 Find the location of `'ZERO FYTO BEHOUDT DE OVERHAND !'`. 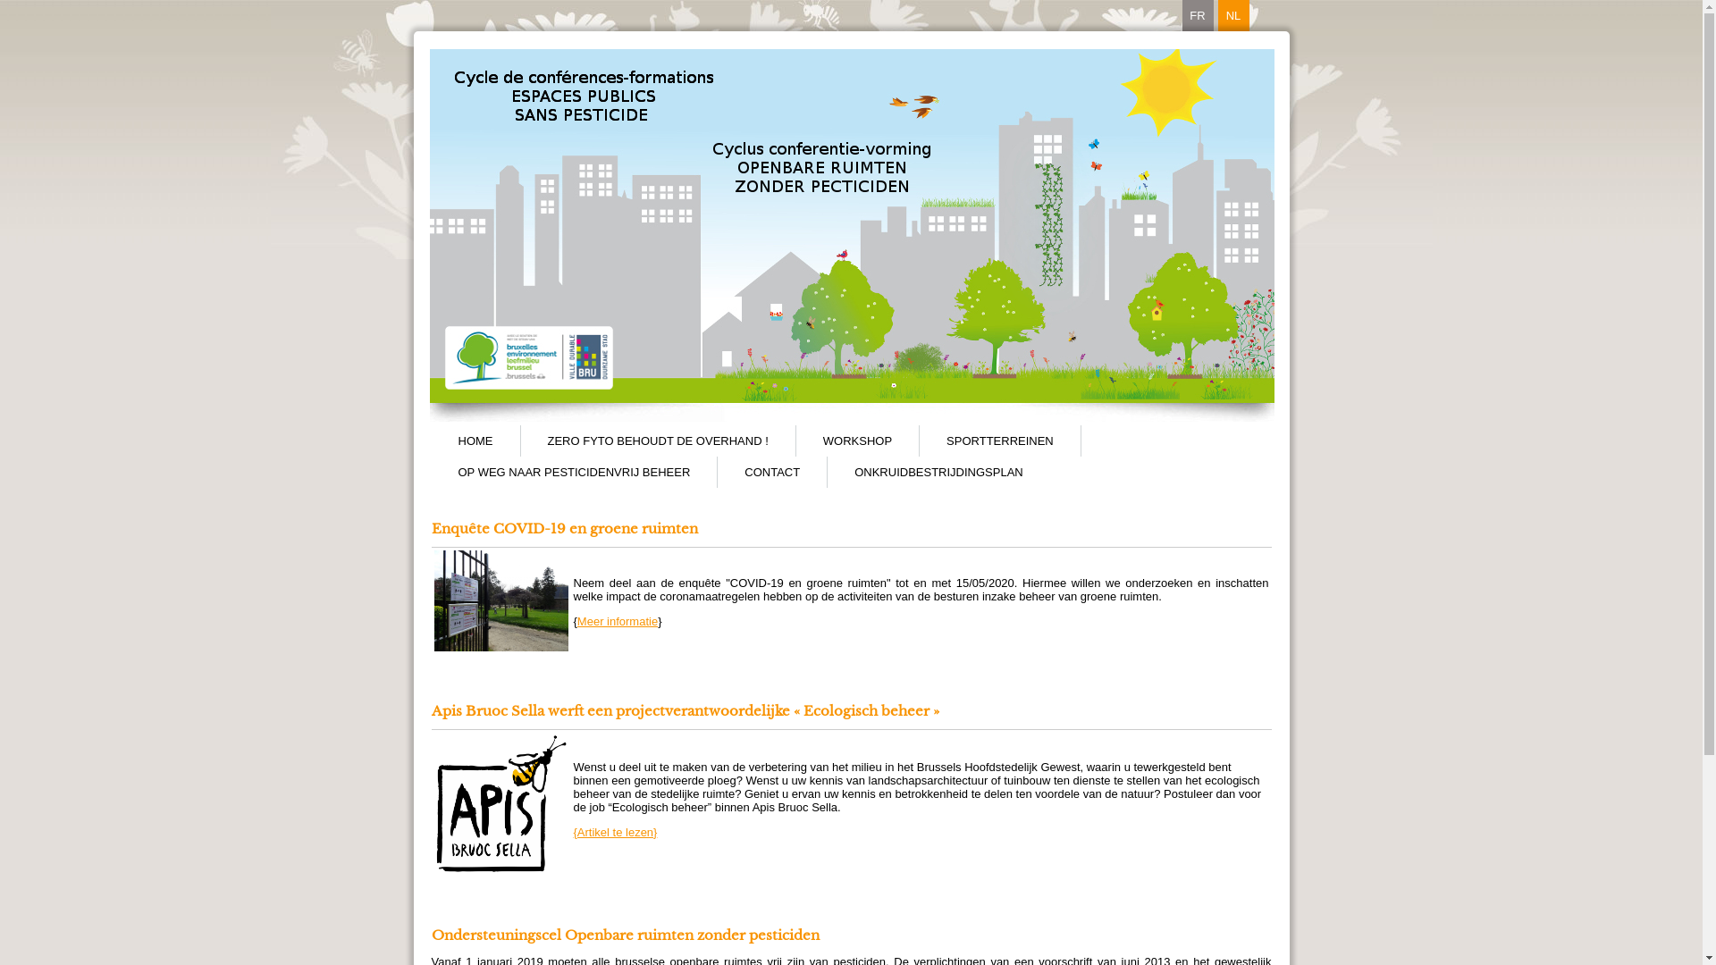

'ZERO FYTO BEHOUDT DE OVERHAND !' is located at coordinates (656, 441).